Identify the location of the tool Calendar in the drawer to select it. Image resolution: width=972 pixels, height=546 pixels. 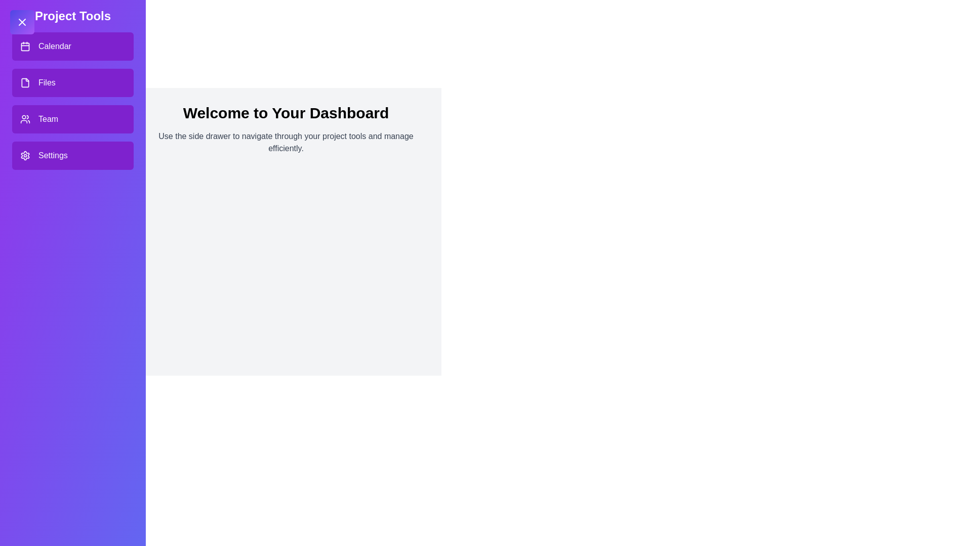
(72, 47).